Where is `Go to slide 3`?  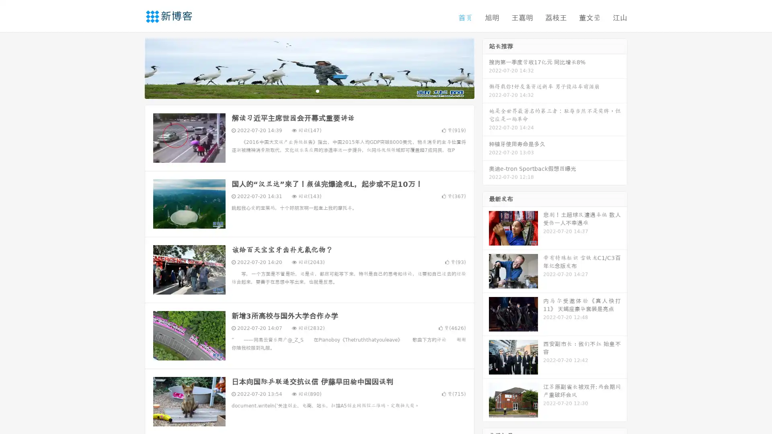 Go to slide 3 is located at coordinates (317, 90).